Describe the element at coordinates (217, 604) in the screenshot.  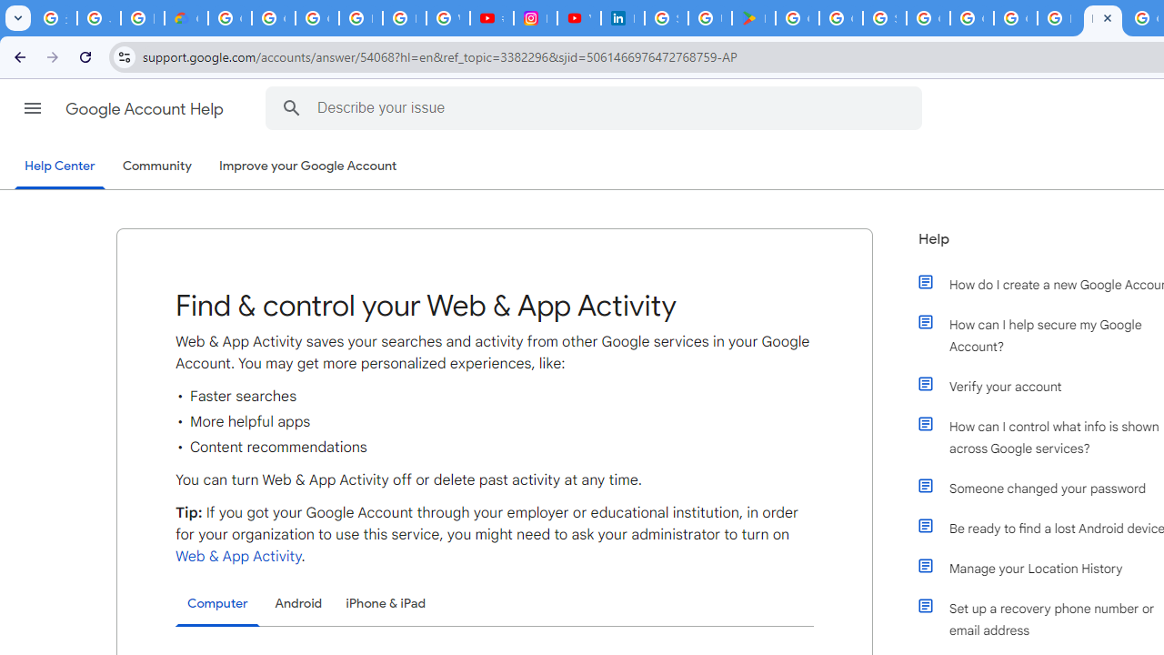
I see `'Computer'` at that location.